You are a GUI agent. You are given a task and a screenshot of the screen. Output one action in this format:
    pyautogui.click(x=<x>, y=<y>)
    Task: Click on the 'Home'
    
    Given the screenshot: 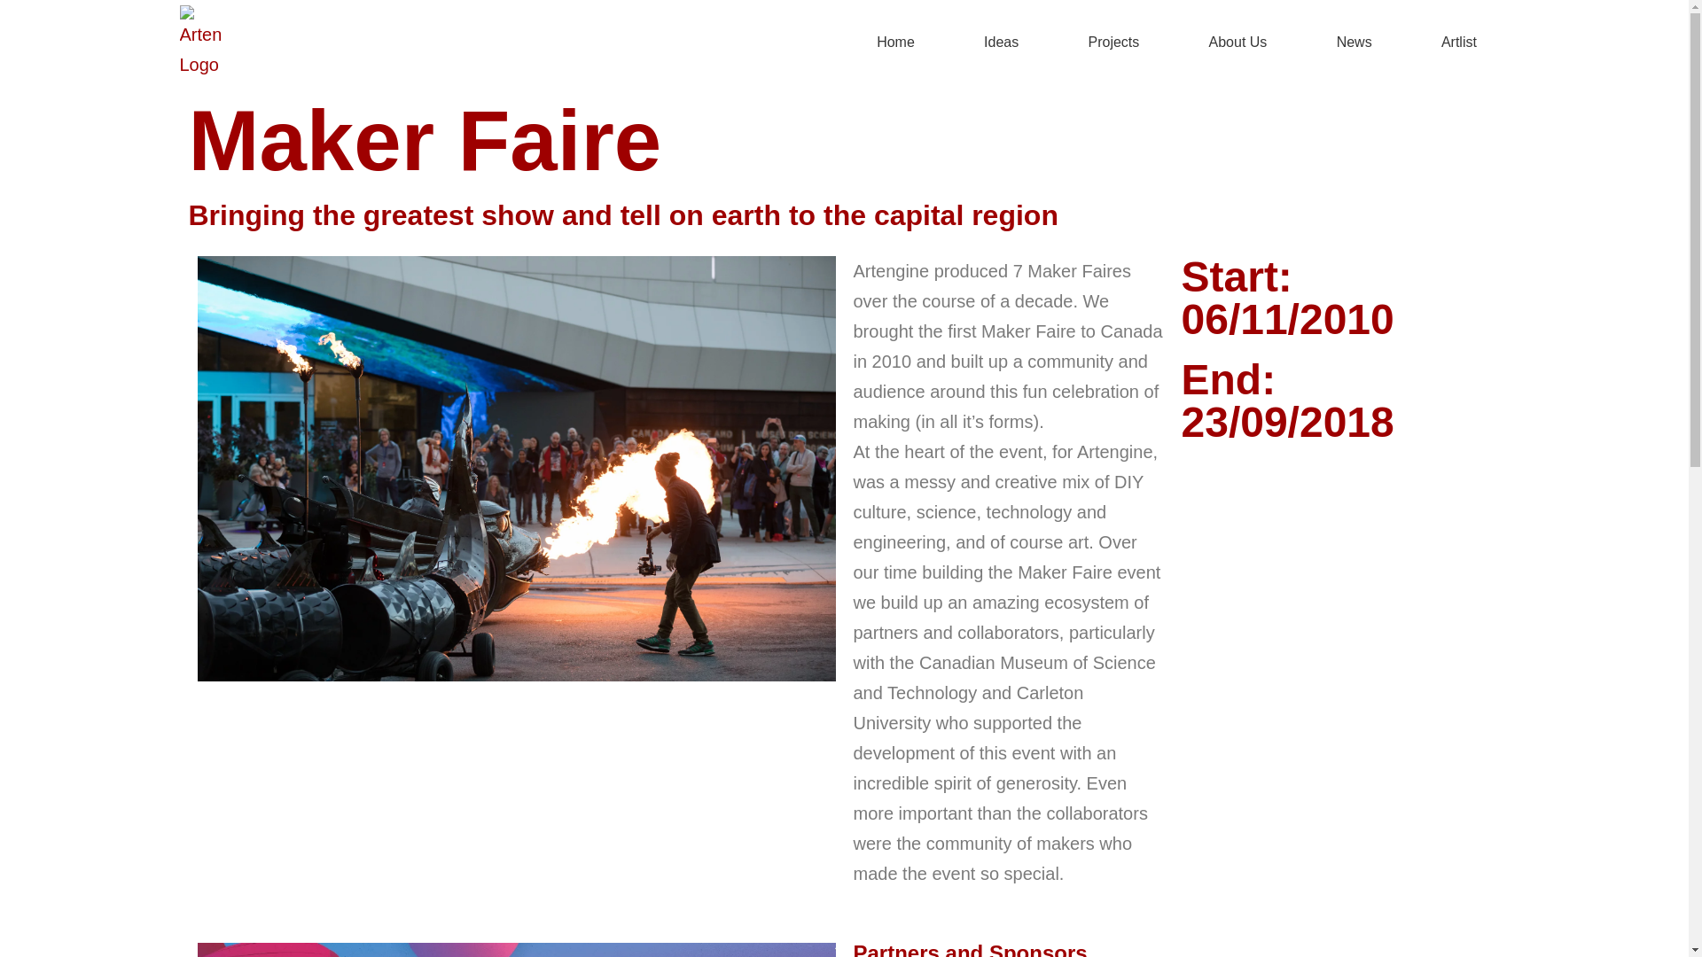 What is the action you would take?
    pyautogui.click(x=842, y=41)
    